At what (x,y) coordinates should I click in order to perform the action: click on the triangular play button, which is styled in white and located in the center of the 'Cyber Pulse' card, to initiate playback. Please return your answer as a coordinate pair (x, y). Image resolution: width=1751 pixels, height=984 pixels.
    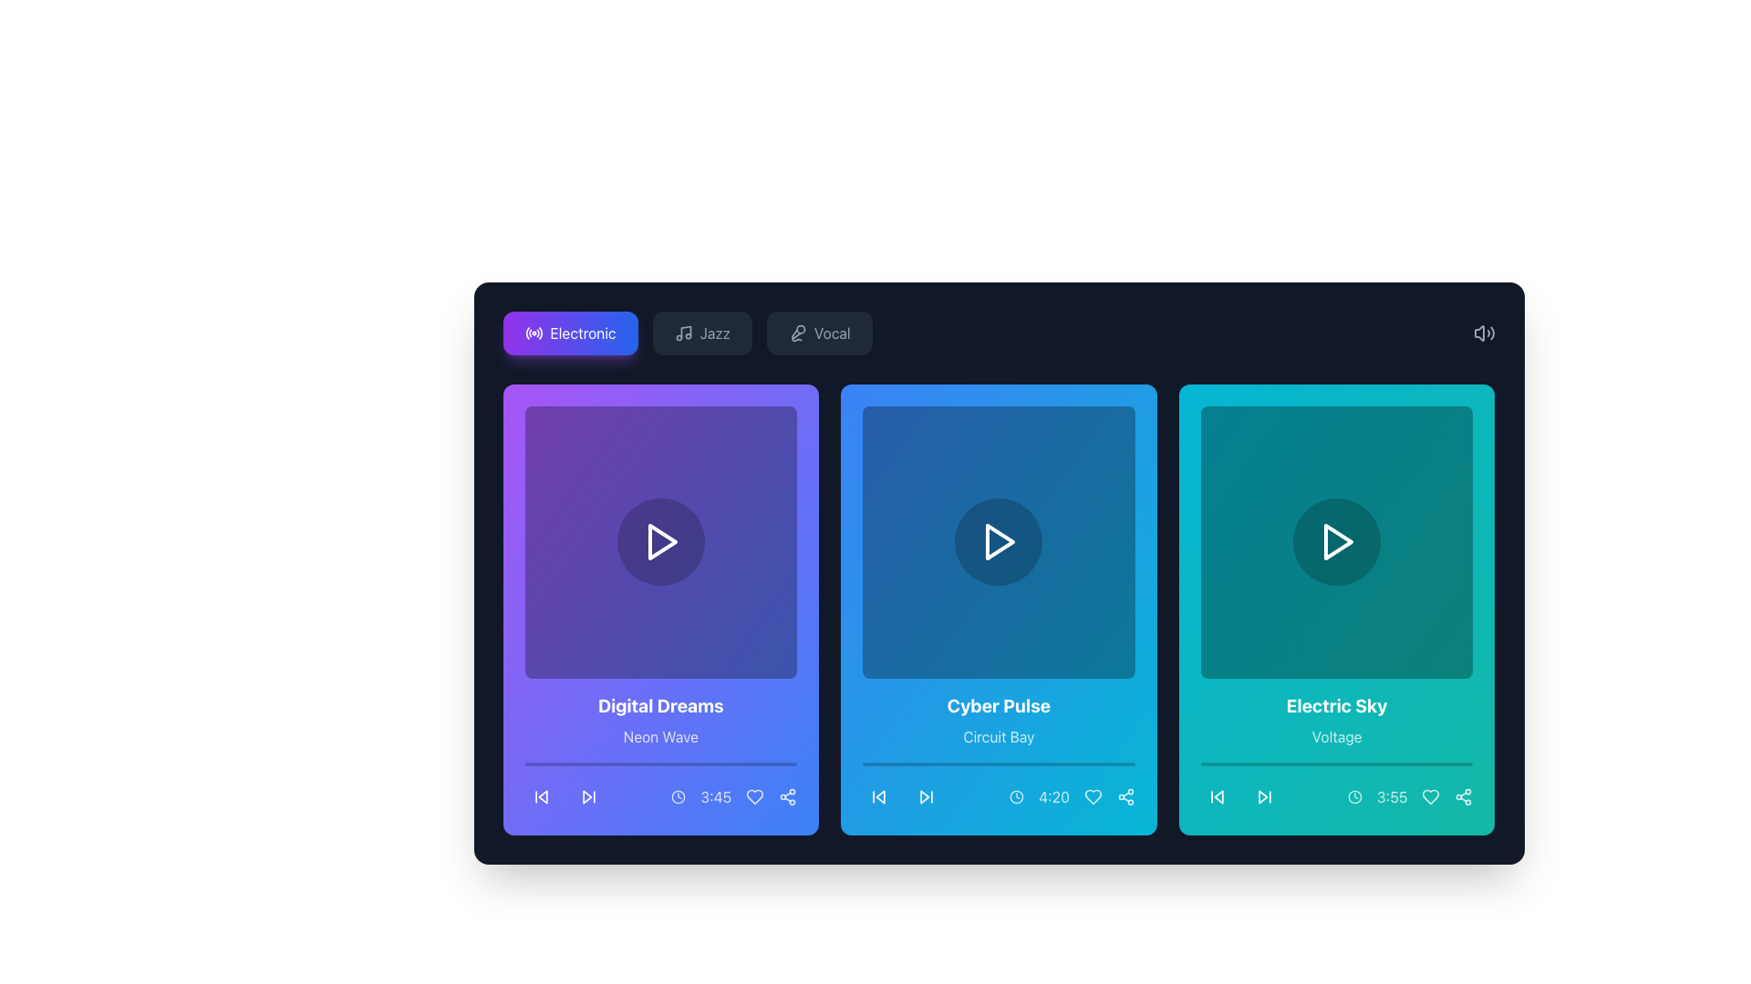
    Looking at the image, I should click on (998, 541).